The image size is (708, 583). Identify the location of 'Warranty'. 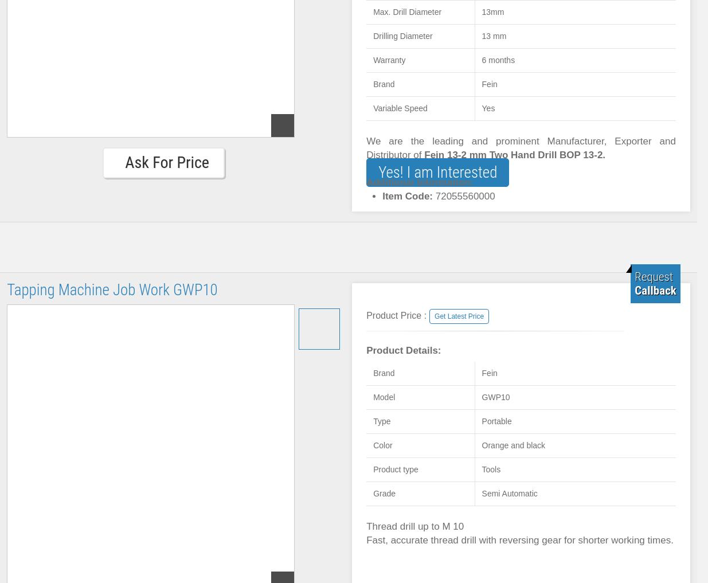
(389, 60).